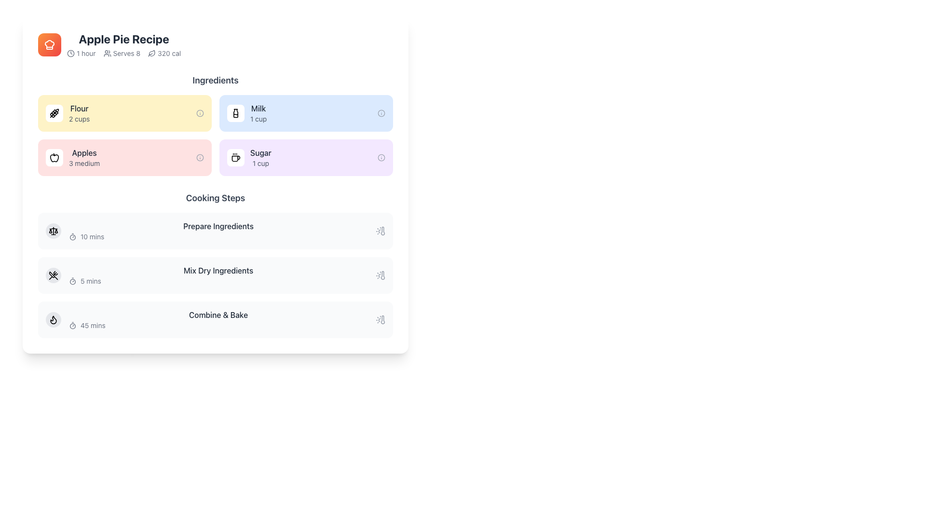  What do you see at coordinates (53, 275) in the screenshot?
I see `the crossed utensils icon within the circular button that indicates the 'Mix Dry Ingredients' step in the cooking steps list` at bounding box center [53, 275].